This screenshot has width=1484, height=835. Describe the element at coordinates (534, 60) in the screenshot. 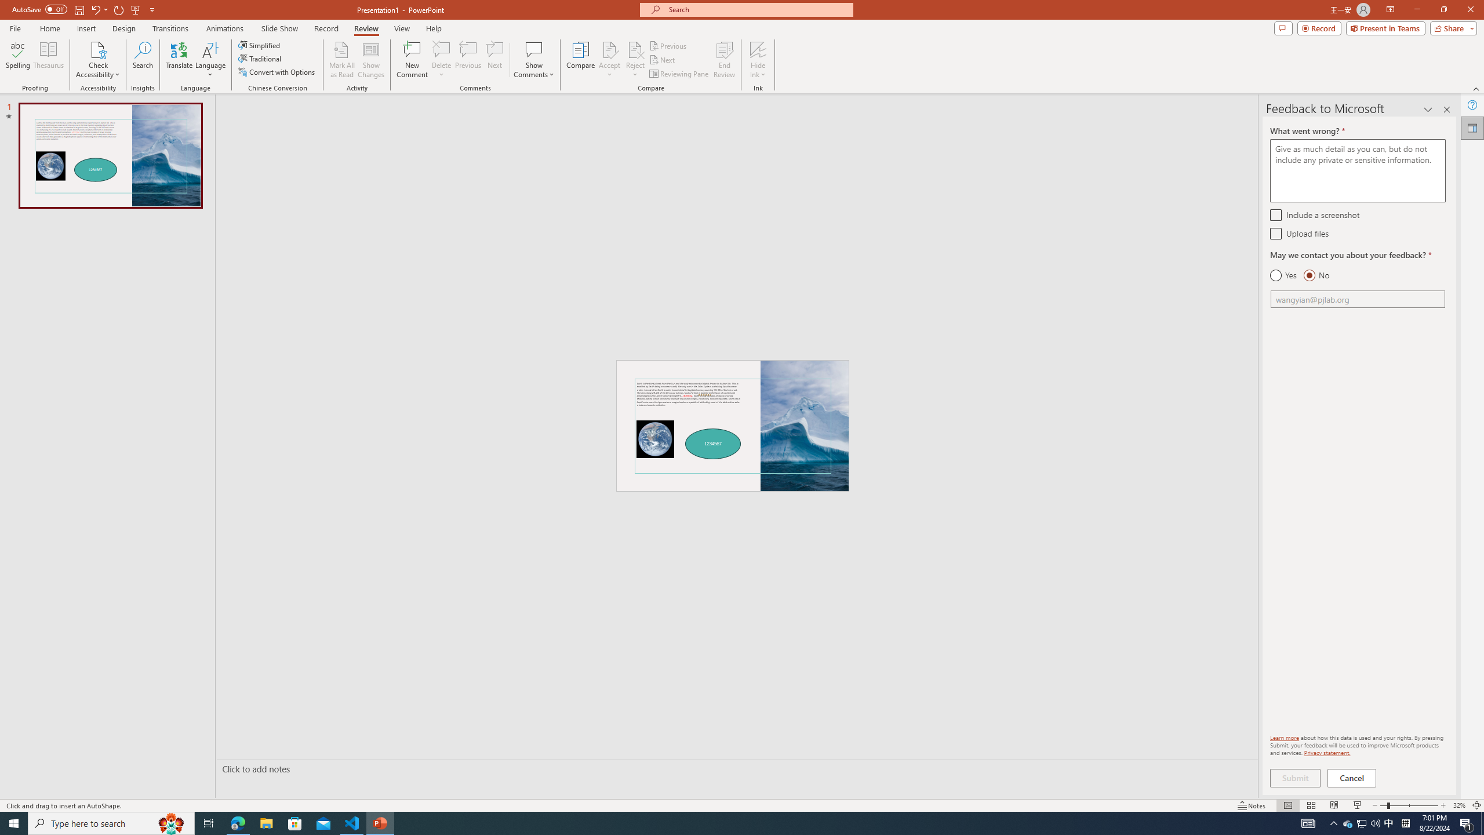

I see `'Show Comments'` at that location.